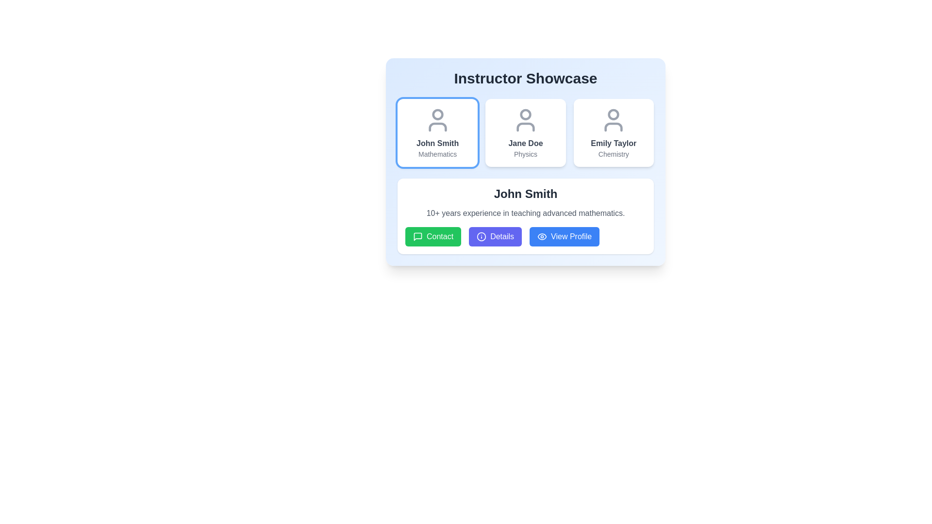 The height and width of the screenshot is (524, 932). Describe the element at coordinates (613, 119) in the screenshot. I see `the user silhouette icon in the 'Instructor Showcase' section, which is above the text 'Emily Taylor' and 'Chemistry'` at that location.